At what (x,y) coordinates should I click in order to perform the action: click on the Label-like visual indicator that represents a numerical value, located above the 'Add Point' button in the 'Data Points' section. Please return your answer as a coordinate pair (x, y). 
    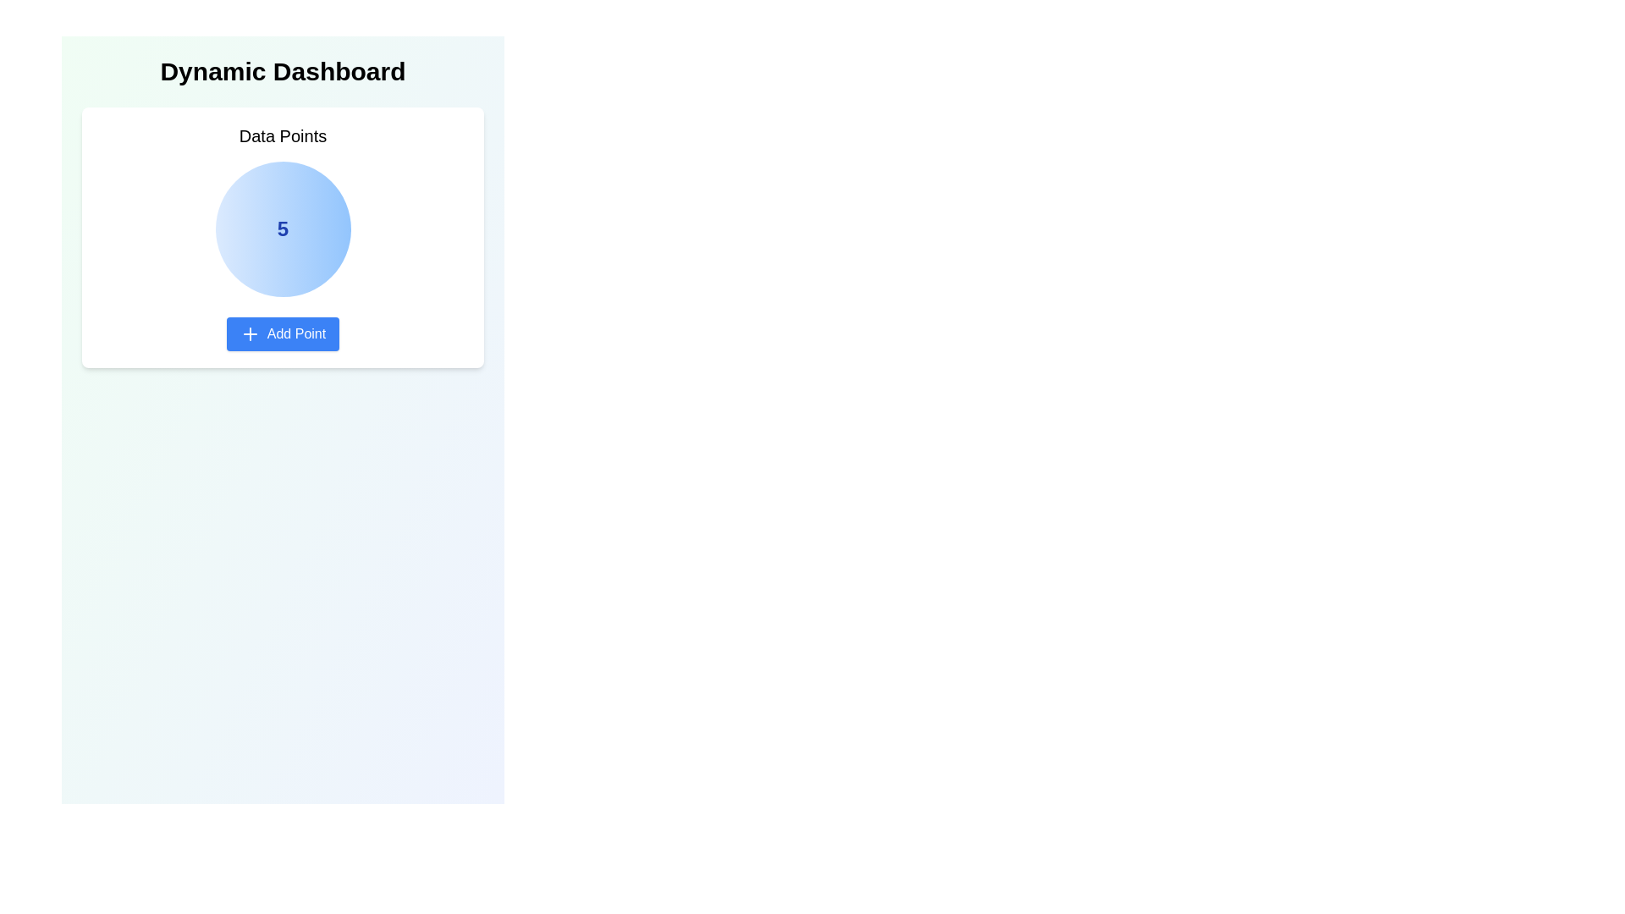
    Looking at the image, I should click on (283, 228).